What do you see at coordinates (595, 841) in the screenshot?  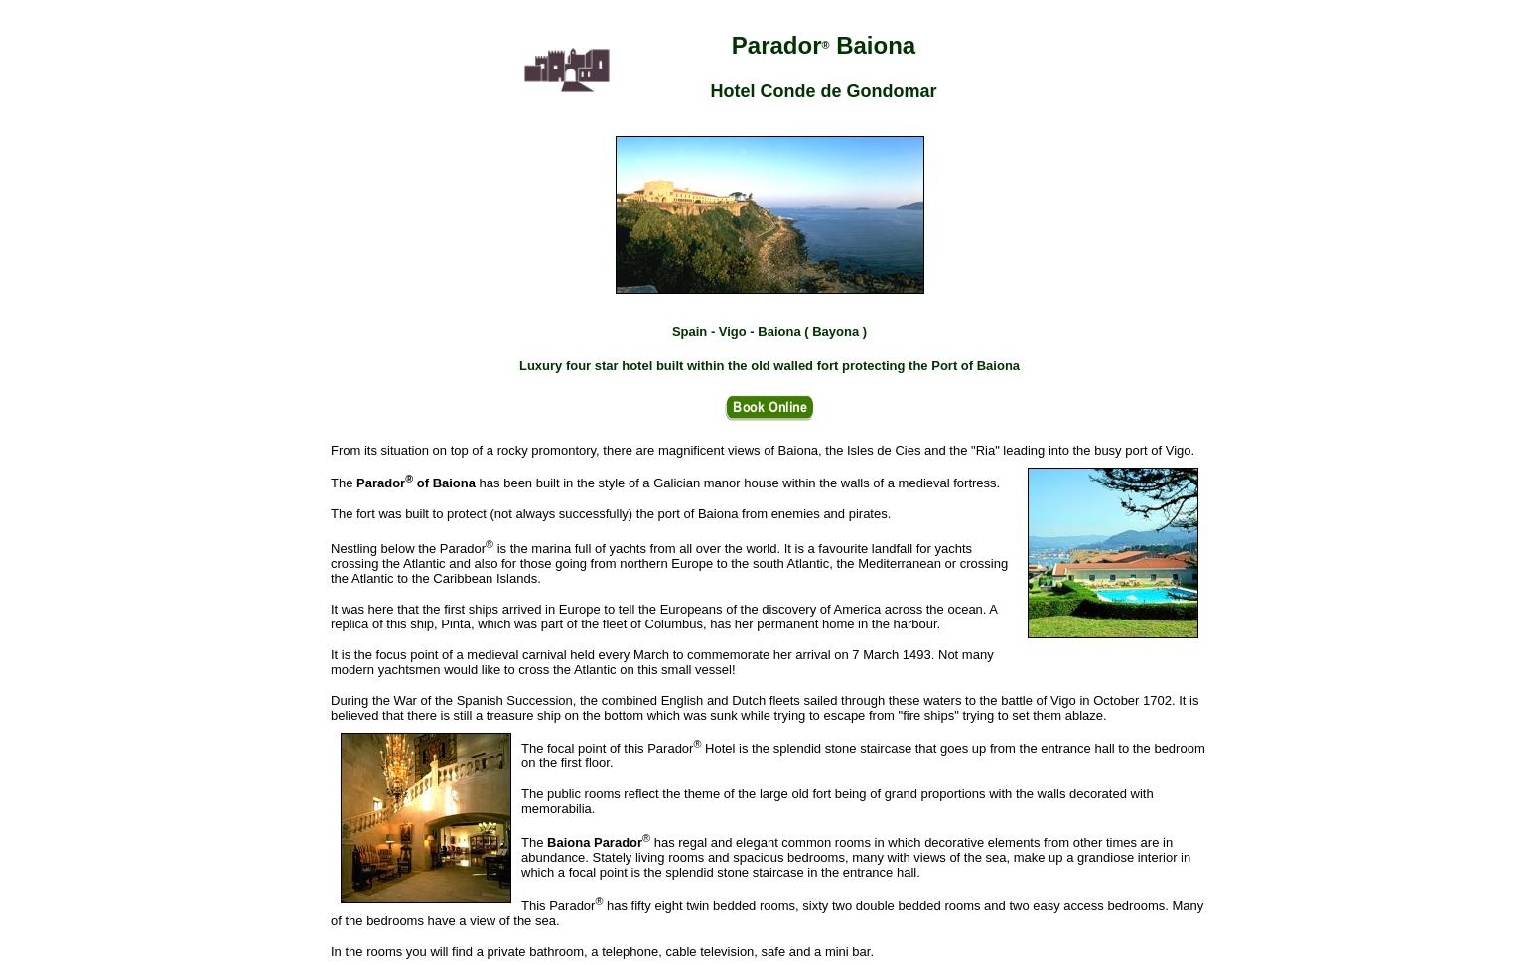 I see `'Baiona Parador'` at bounding box center [595, 841].